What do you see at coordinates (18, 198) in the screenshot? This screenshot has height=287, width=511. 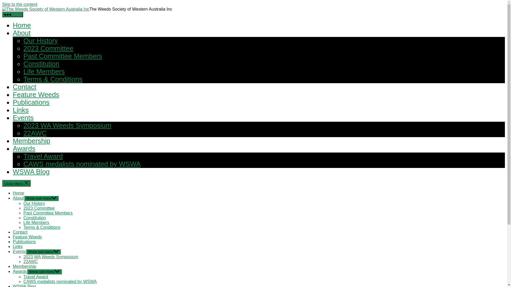 I see `'About'` at bounding box center [18, 198].